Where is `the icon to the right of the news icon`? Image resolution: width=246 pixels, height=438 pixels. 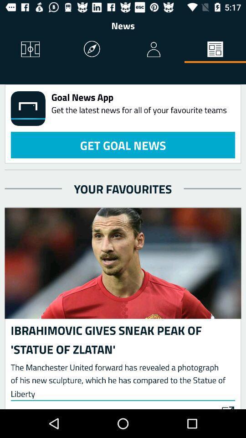 the icon to the right of the news icon is located at coordinates (215, 50).